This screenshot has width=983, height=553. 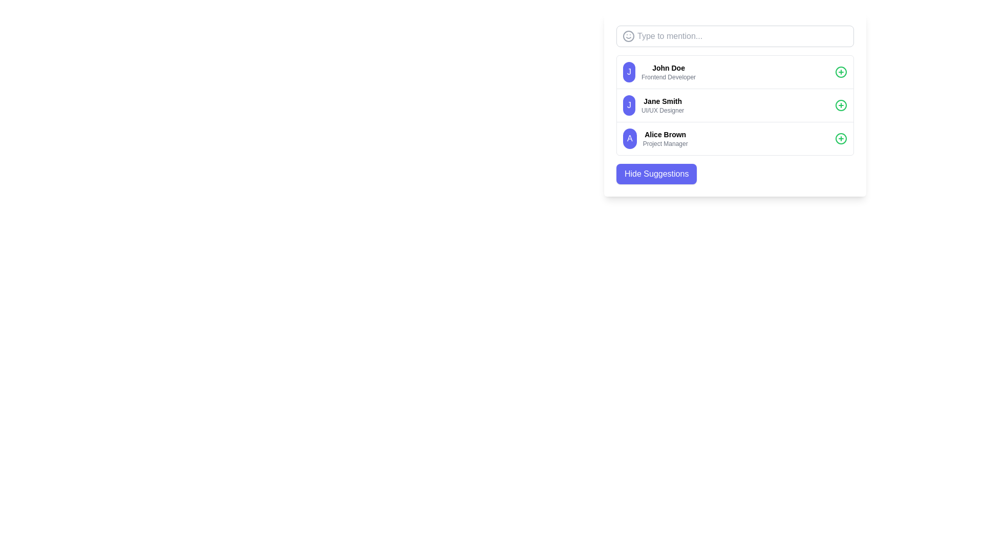 What do you see at coordinates (841, 72) in the screenshot?
I see `the Icon button adjacent to 'John Doe' and 'Frontend Developer'` at bounding box center [841, 72].